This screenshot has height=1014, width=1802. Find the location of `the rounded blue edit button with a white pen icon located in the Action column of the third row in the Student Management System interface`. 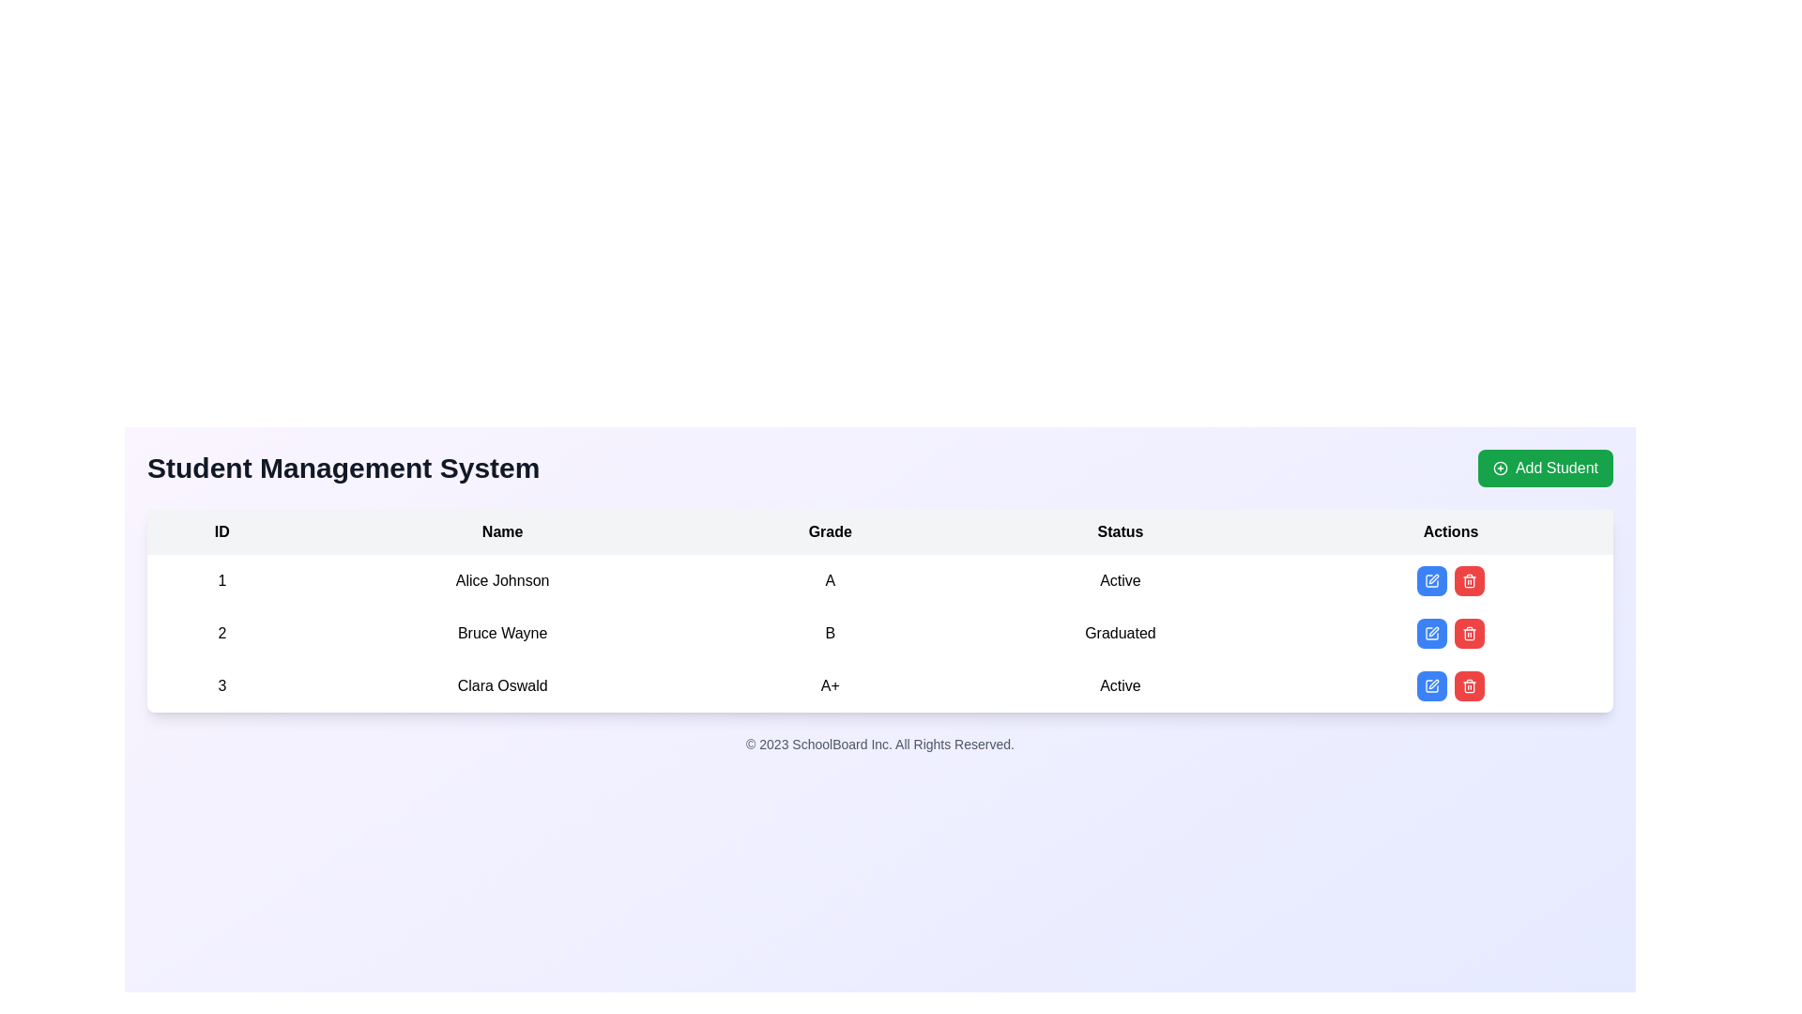

the rounded blue edit button with a white pen icon located in the Action column of the third row in the Student Management System interface is located at coordinates (1431, 686).